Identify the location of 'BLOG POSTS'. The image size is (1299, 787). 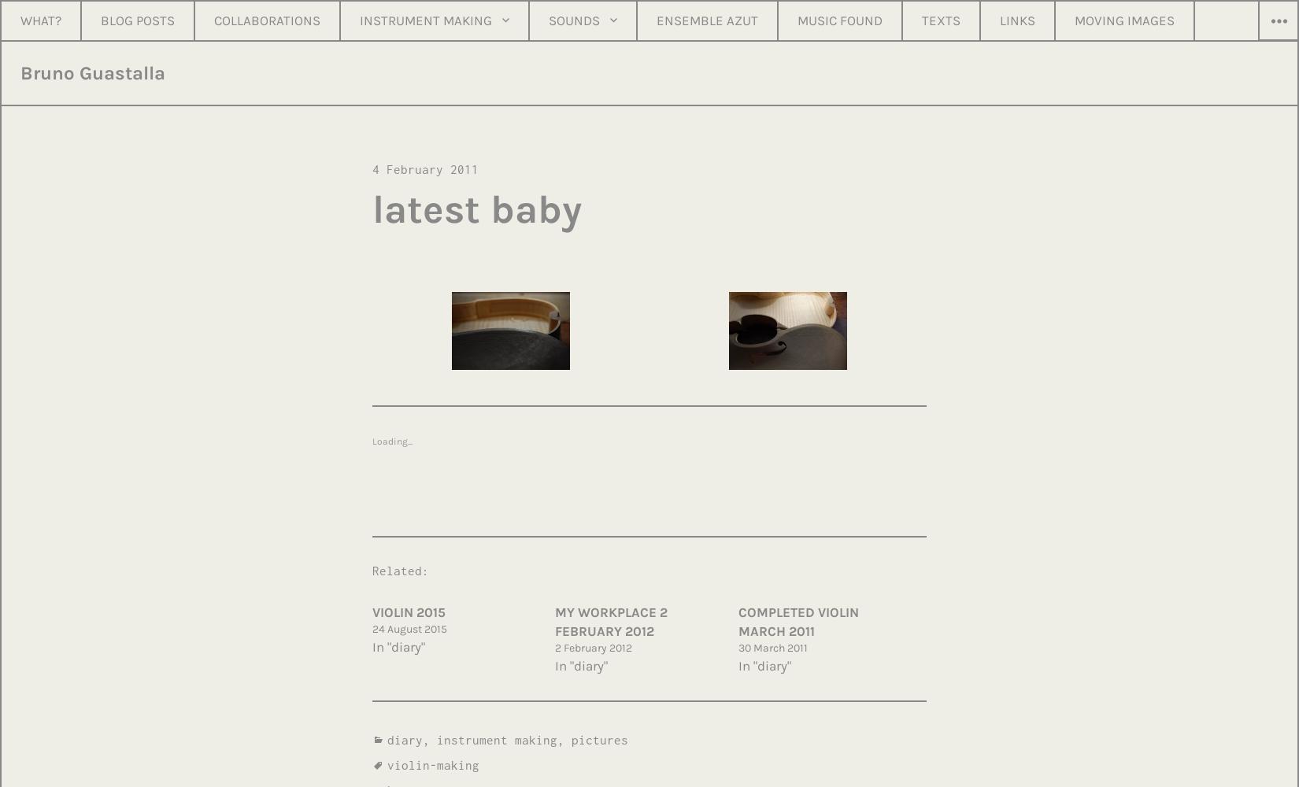
(138, 20).